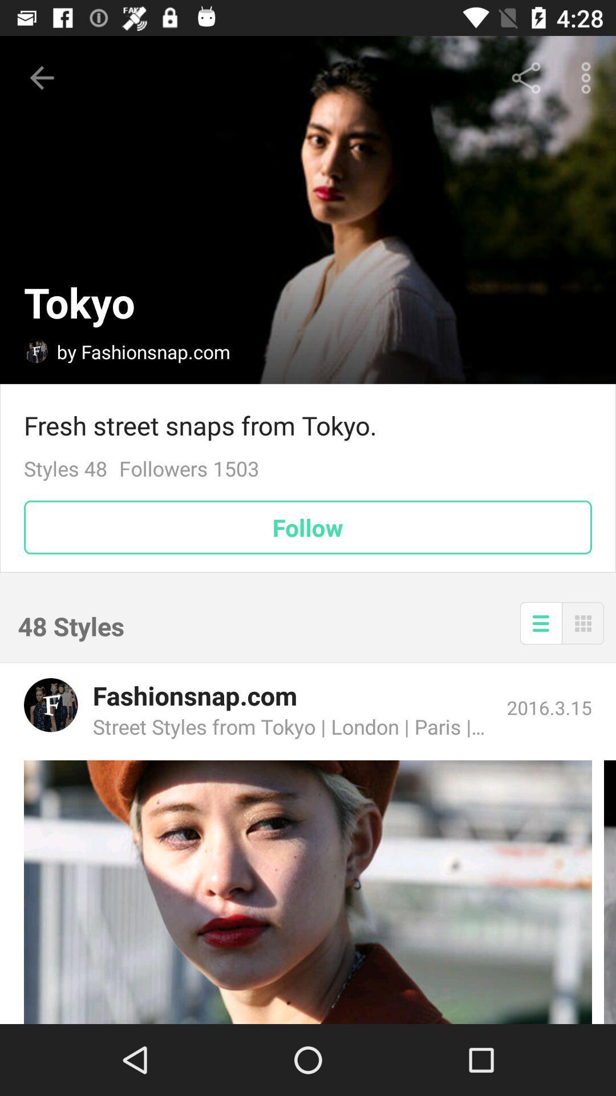 This screenshot has width=616, height=1096. Describe the element at coordinates (308, 892) in the screenshot. I see `connect to site` at that location.